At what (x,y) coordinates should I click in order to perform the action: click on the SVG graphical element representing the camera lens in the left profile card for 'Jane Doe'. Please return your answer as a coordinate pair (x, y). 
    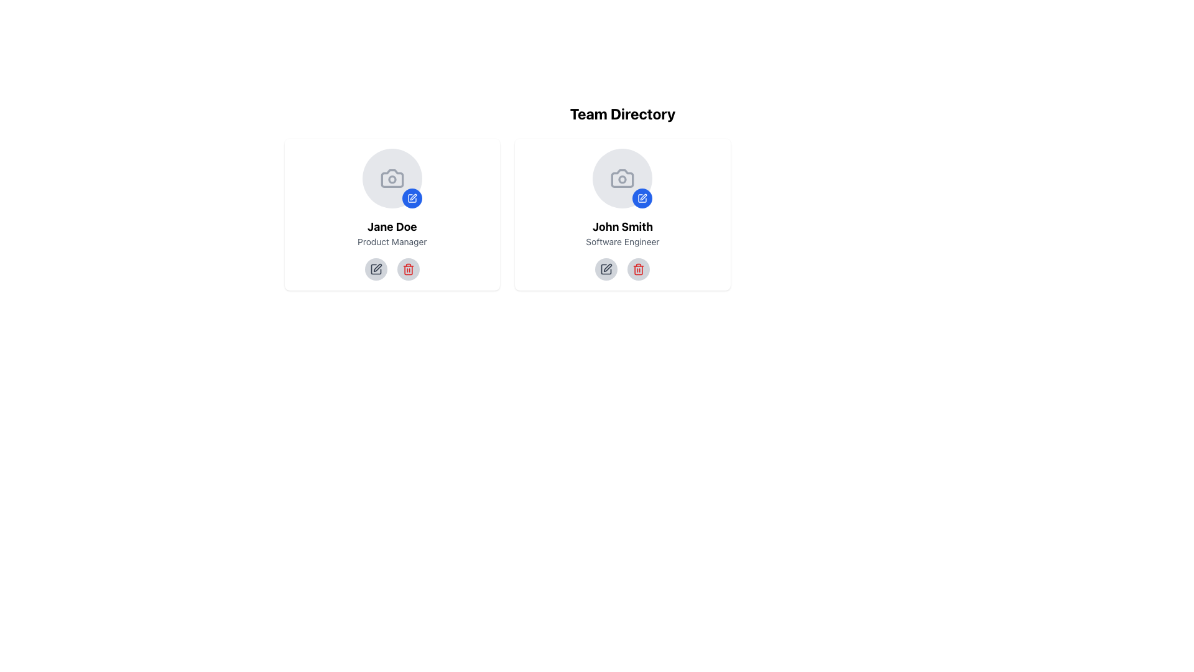
    Looking at the image, I should click on (391, 179).